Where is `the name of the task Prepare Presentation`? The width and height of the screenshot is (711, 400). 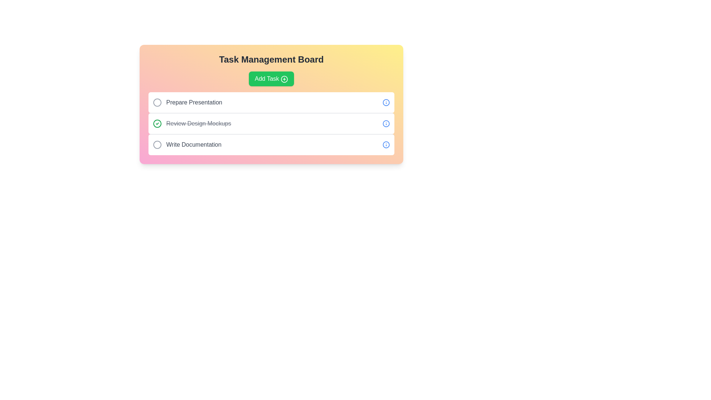 the name of the task Prepare Presentation is located at coordinates (157, 103).